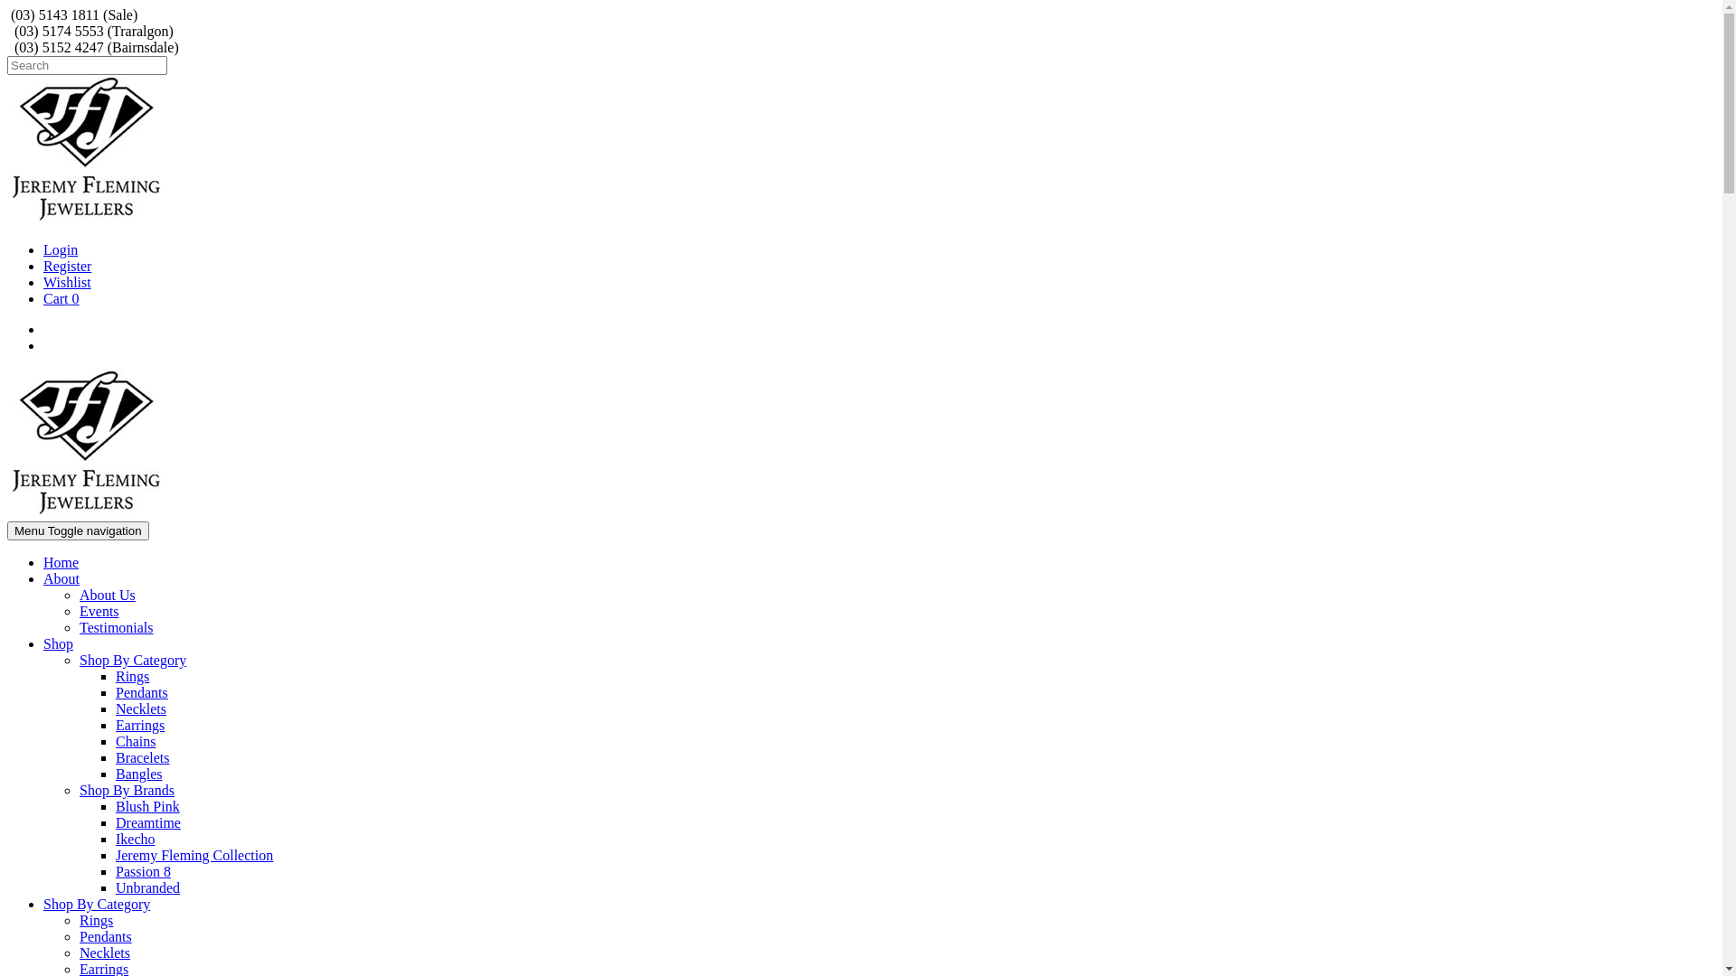 The image size is (1736, 976). What do you see at coordinates (78, 595) in the screenshot?
I see `'About Us'` at bounding box center [78, 595].